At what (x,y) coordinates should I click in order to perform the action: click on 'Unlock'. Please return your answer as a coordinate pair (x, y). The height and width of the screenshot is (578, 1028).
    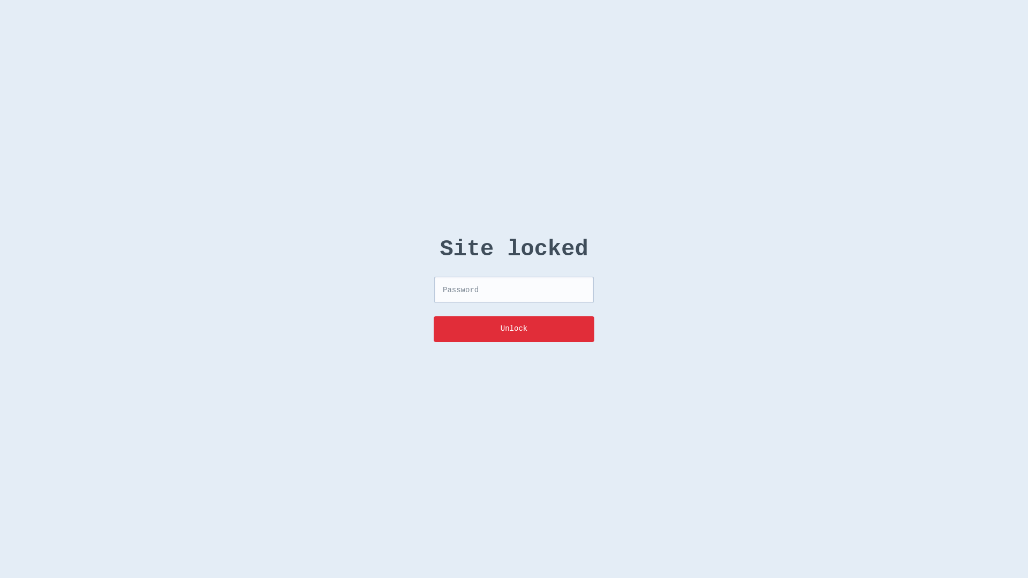
    Looking at the image, I should click on (514, 328).